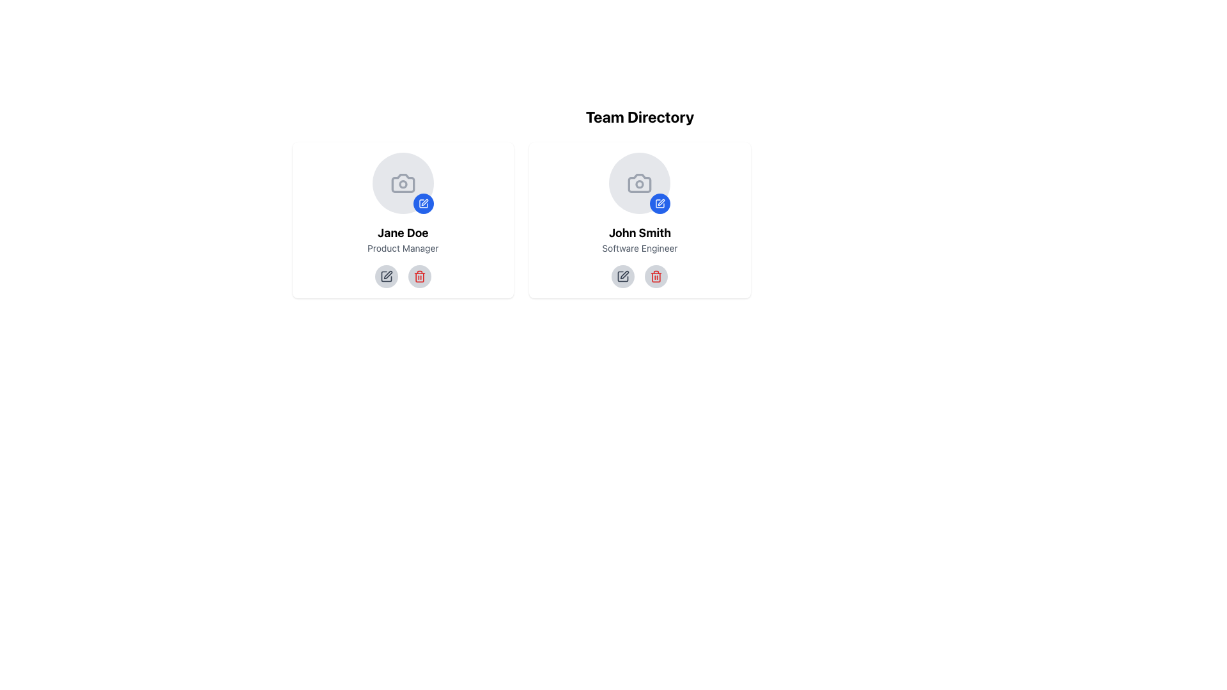 Image resolution: width=1227 pixels, height=690 pixels. I want to click on the delete button located below the profile picture and name of 'John Smith', which is the second button in the horizontal row of action buttons, so click(656, 275).